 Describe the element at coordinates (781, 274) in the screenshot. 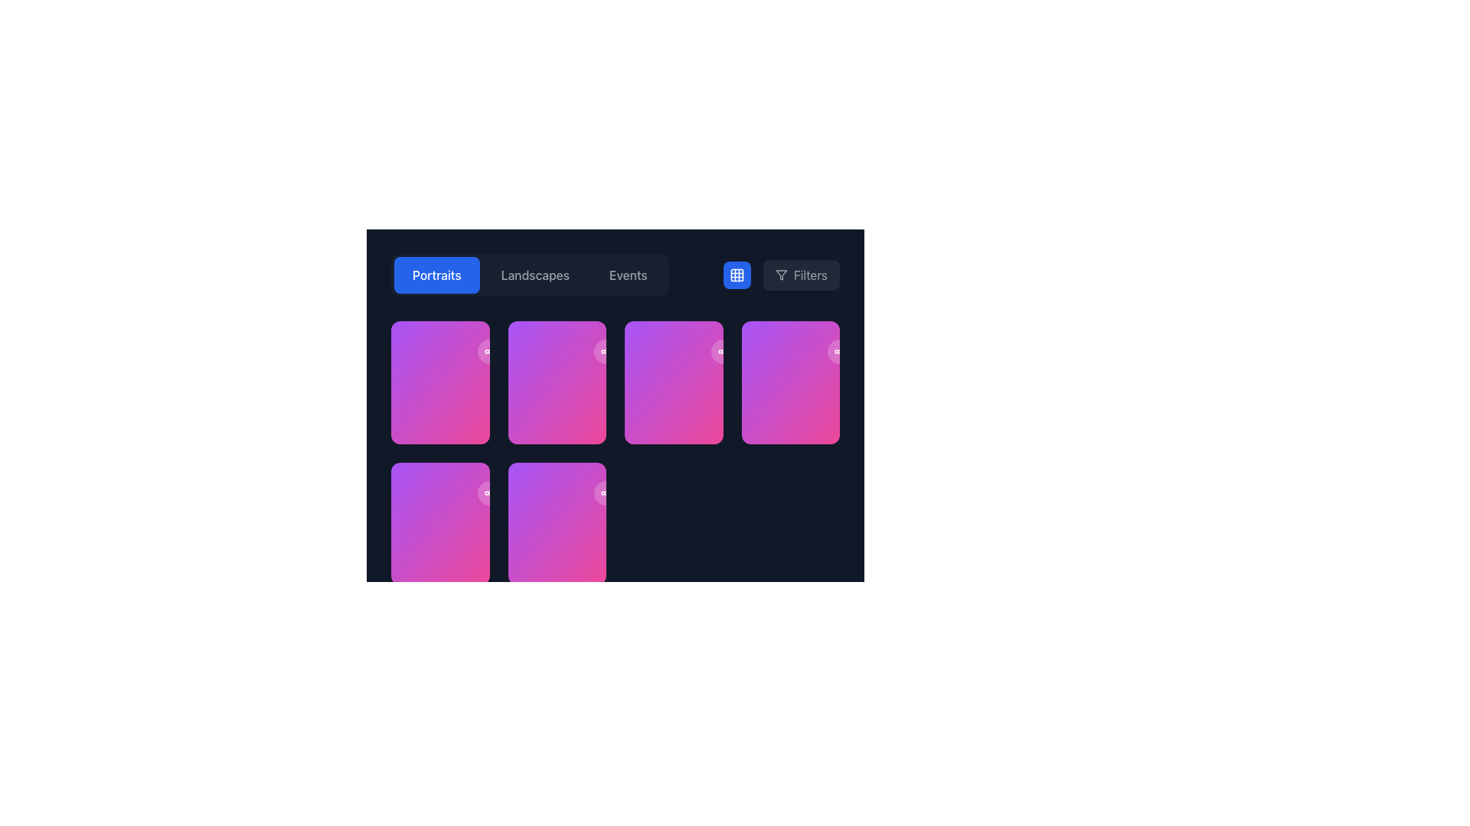

I see `the filtering SVG icon located in the filters section at the top right corner of the interface, adjacent to the grid icon` at that location.